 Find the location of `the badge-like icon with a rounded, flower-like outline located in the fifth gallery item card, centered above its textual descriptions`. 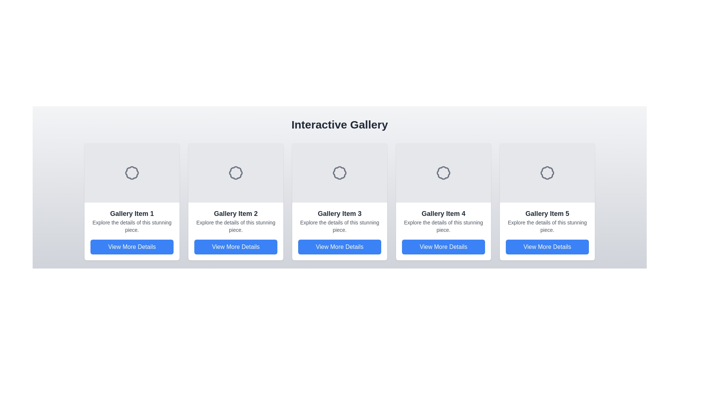

the badge-like icon with a rounded, flower-like outline located in the fifth gallery item card, centered above its textual descriptions is located at coordinates (547, 173).